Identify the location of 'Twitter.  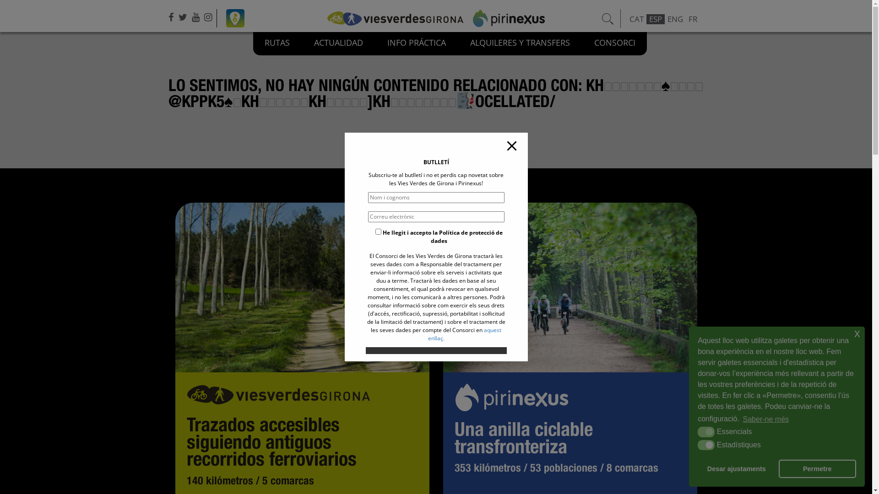
(184, 17).